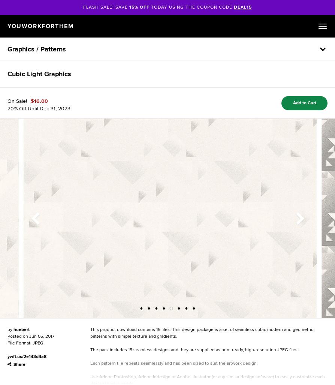  What do you see at coordinates (49, 108) in the screenshot?
I see `'Until Dec 31, 2023'` at bounding box center [49, 108].